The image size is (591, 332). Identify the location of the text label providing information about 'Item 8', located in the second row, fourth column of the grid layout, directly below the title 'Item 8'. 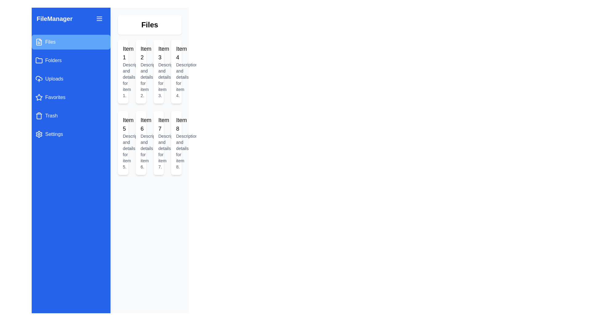
(176, 152).